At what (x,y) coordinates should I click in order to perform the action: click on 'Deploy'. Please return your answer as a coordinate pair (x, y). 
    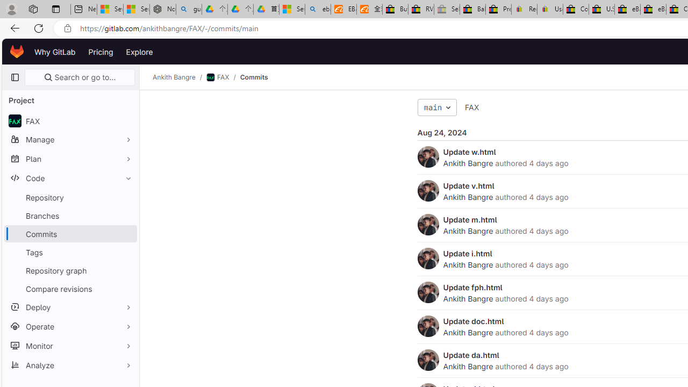
    Looking at the image, I should click on (70, 306).